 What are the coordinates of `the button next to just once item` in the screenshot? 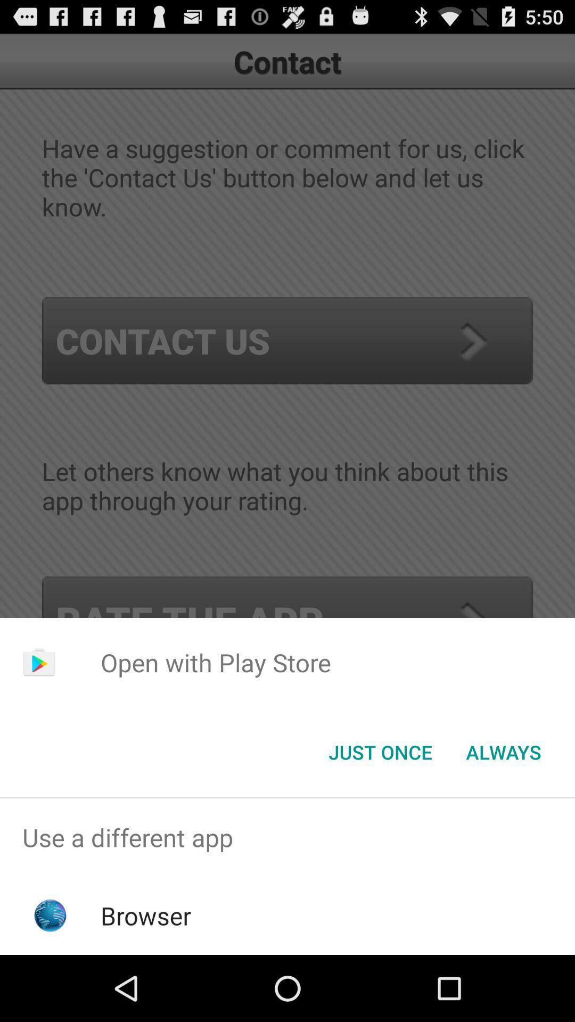 It's located at (503, 751).